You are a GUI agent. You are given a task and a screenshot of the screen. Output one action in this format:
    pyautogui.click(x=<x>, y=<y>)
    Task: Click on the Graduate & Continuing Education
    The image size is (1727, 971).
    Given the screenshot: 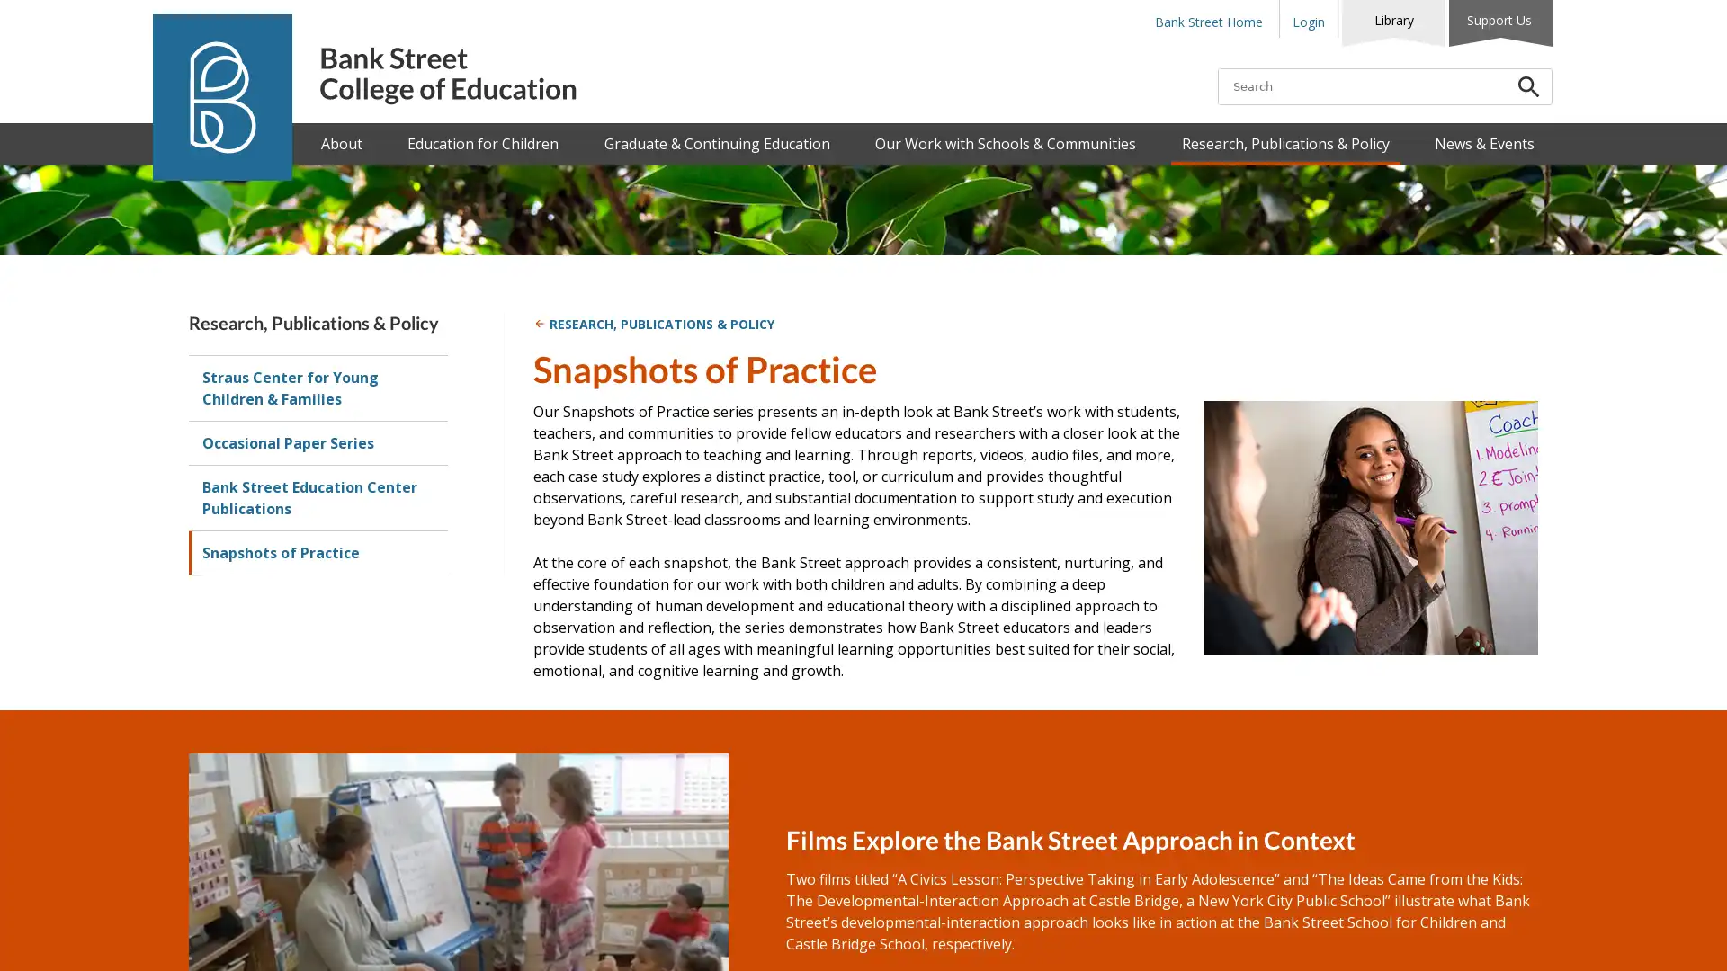 What is the action you would take?
    pyautogui.click(x=715, y=143)
    